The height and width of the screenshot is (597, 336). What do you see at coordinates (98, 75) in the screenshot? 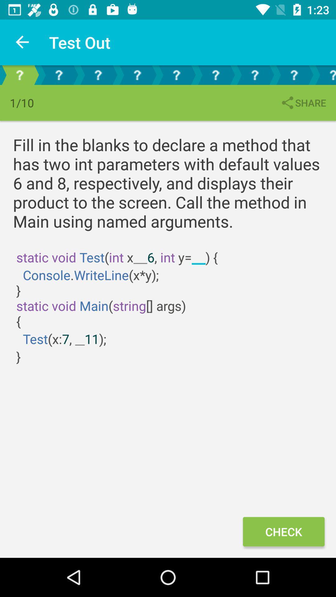
I see `the help icon` at bounding box center [98, 75].